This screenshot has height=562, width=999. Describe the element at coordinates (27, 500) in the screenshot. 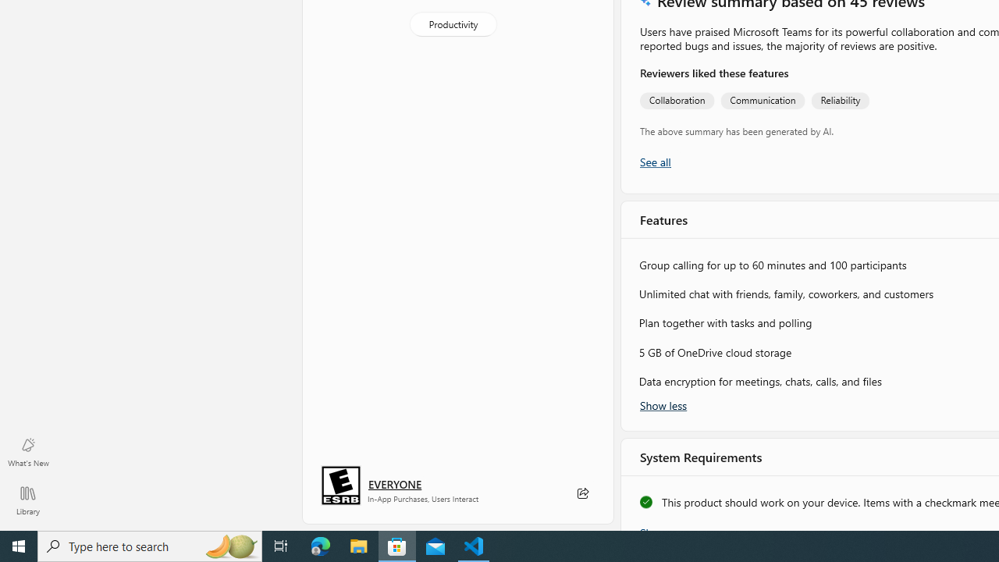

I see `'Library'` at that location.